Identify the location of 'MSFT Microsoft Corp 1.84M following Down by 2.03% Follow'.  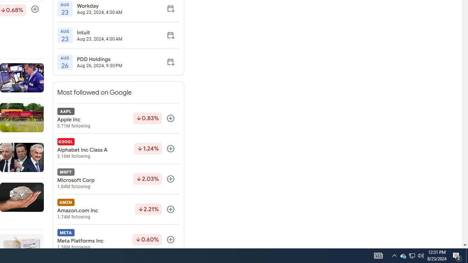
(118, 179).